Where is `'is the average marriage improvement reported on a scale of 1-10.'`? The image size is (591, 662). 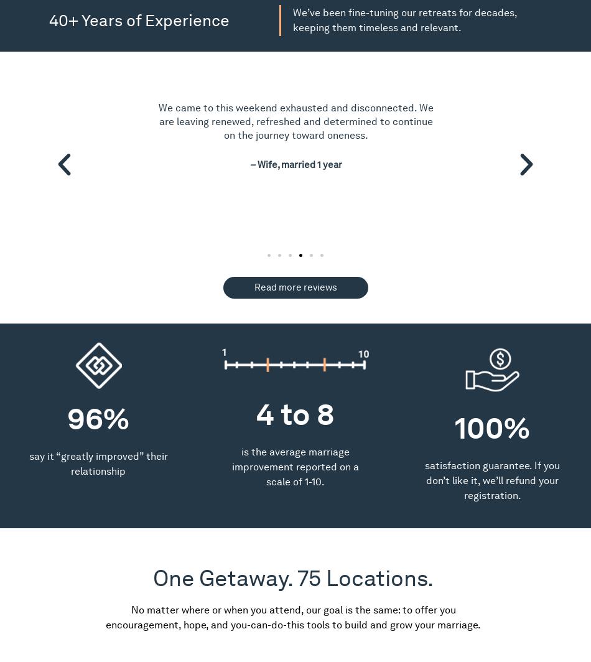 'is the average marriage improvement reported on a scale of 1-10.' is located at coordinates (231, 467).